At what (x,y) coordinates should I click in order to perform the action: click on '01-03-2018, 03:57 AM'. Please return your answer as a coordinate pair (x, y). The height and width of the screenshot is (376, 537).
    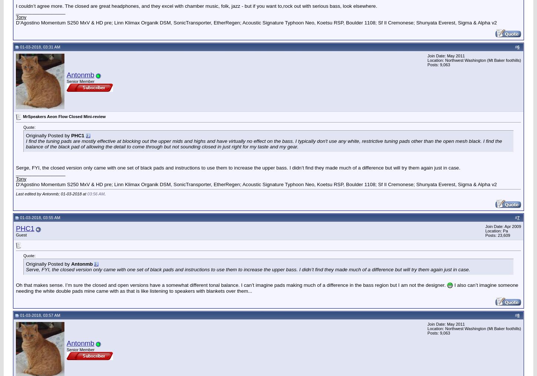
    Looking at the image, I should click on (19, 315).